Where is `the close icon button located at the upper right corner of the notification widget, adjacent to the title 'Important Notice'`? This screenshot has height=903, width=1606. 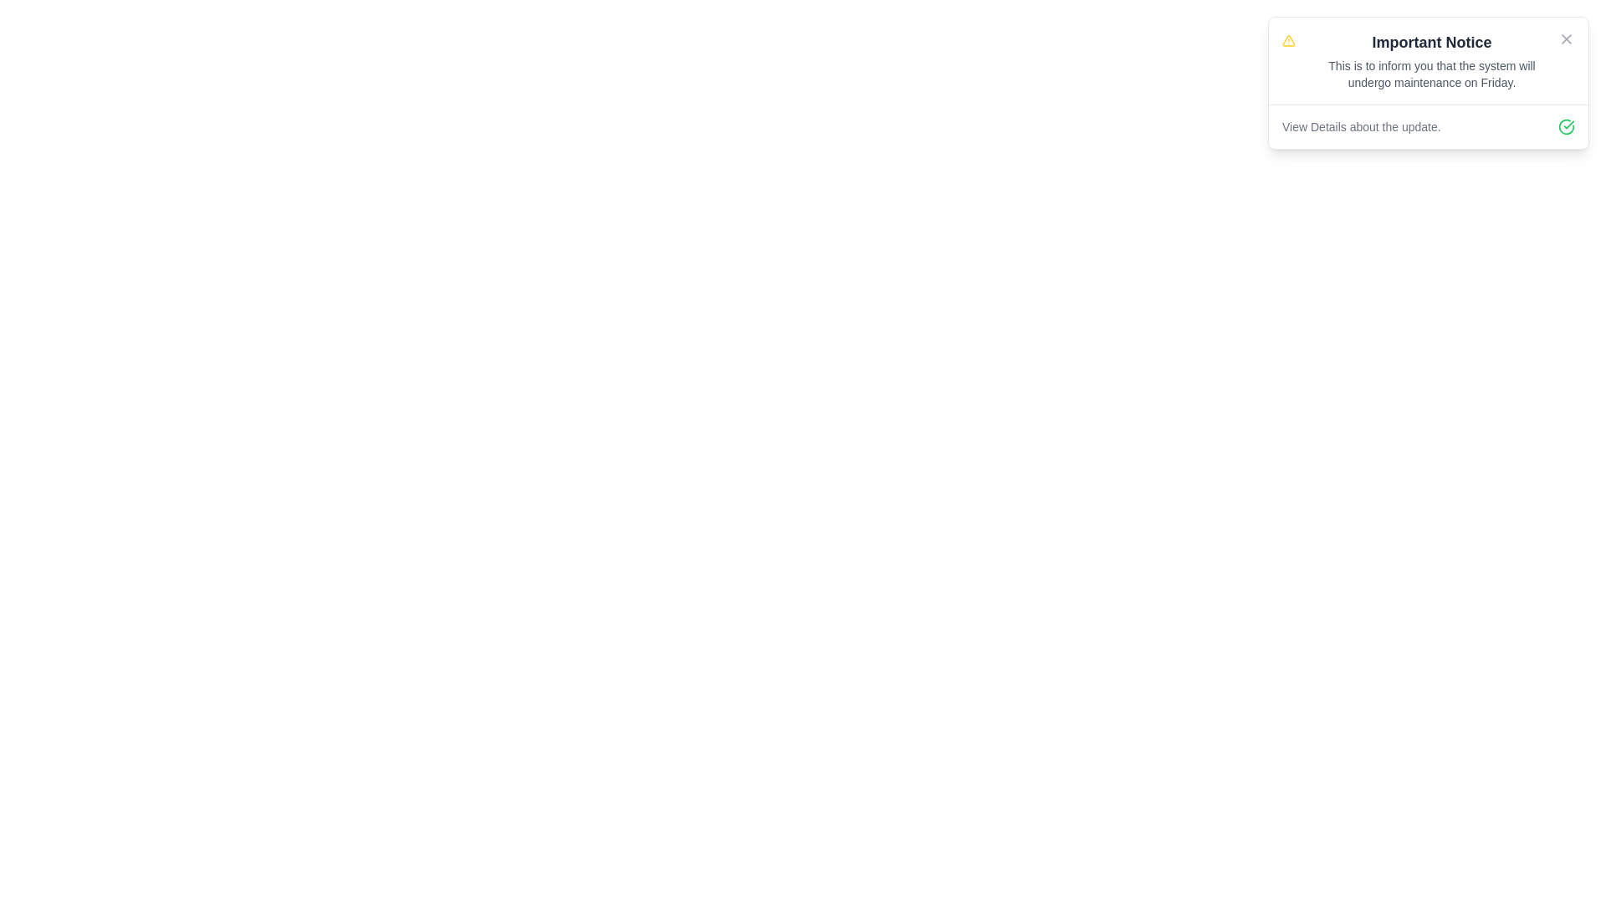
the close icon button located at the upper right corner of the notification widget, adjacent to the title 'Important Notice' is located at coordinates (1565, 38).